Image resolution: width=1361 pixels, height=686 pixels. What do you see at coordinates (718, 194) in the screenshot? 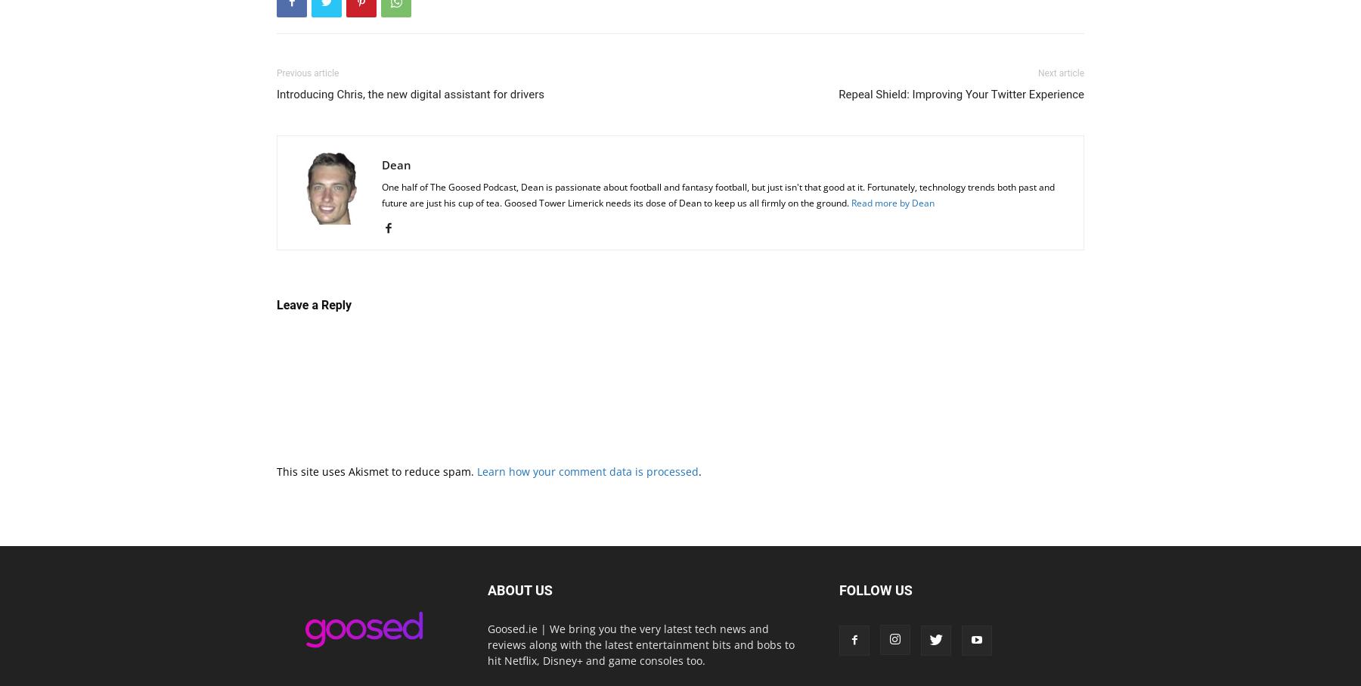
I see `'One half of The Goosed Podcast, Dean is passionate about football and fantasy football, but just isn't that good at it. Fortunately, technology trends both past and future are just his cup of tea. Goosed Tower Limerick needs its dose of Dean to keep us all firmly on the ground.'` at bounding box center [718, 194].